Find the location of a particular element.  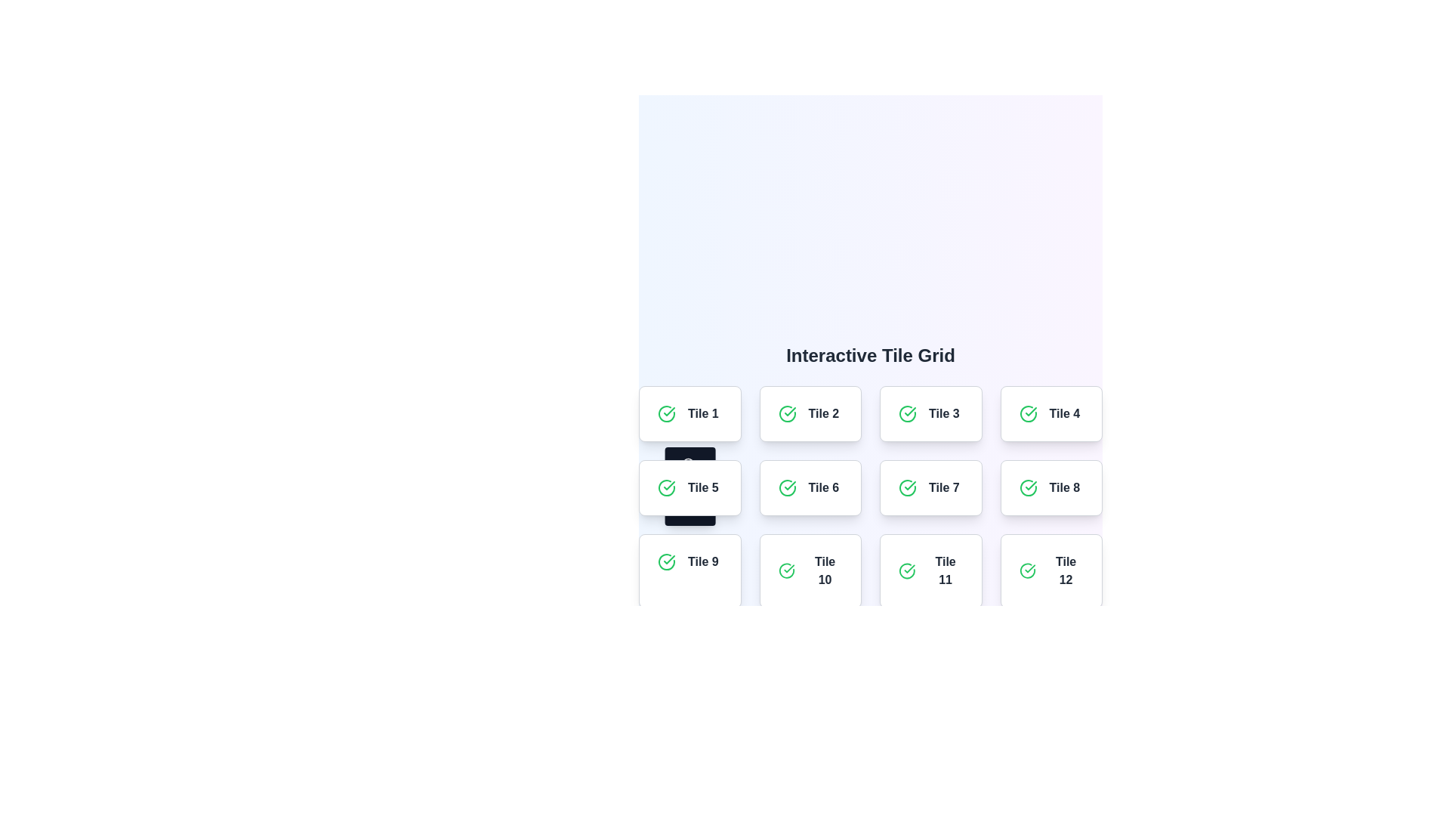

the green circular checkmark icon located in the top-left corner of 'Tile 11', which denotes success or completion is located at coordinates (906, 571).